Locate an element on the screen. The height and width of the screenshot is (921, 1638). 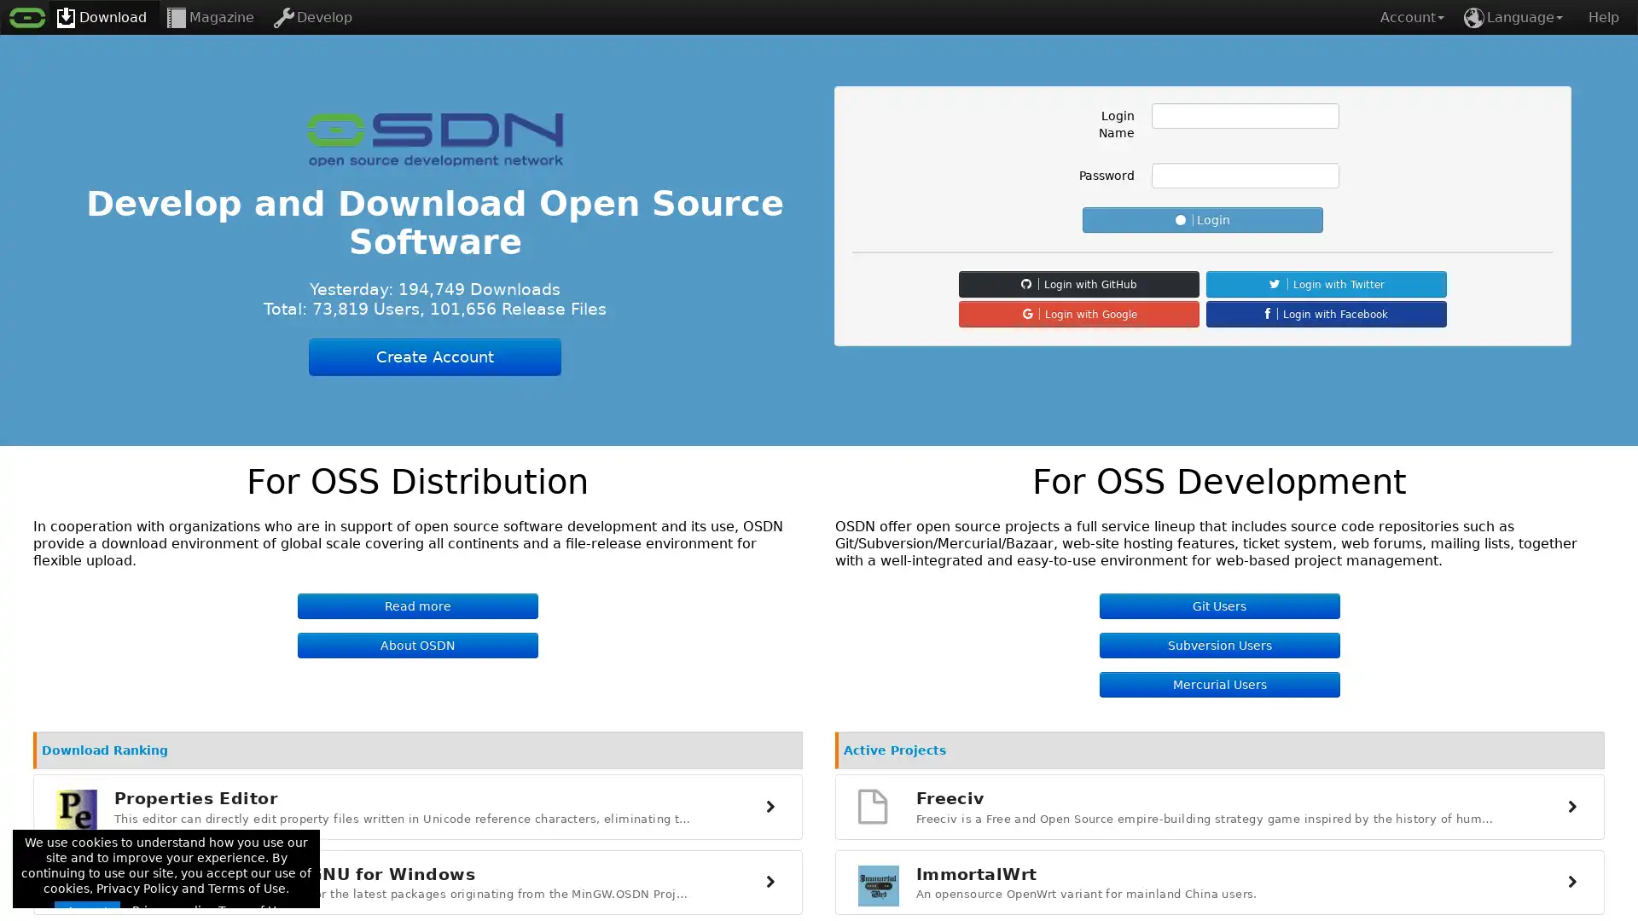
Login is located at coordinates (1202, 219).